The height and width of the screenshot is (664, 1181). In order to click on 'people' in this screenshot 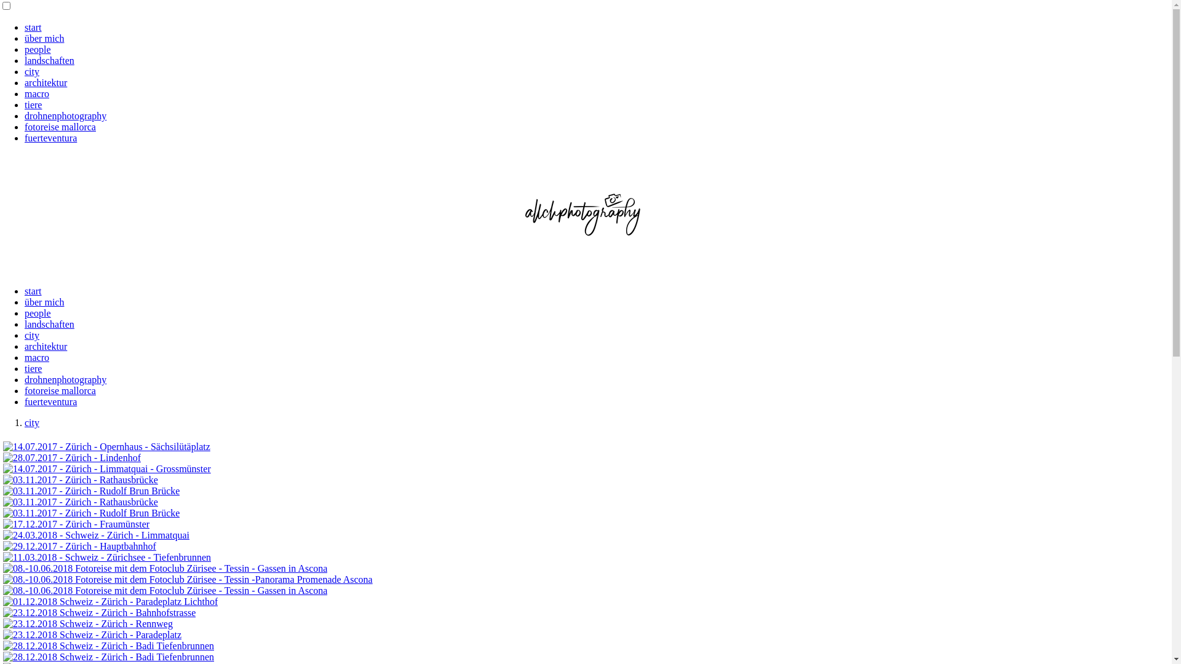, I will do `click(38, 312)`.